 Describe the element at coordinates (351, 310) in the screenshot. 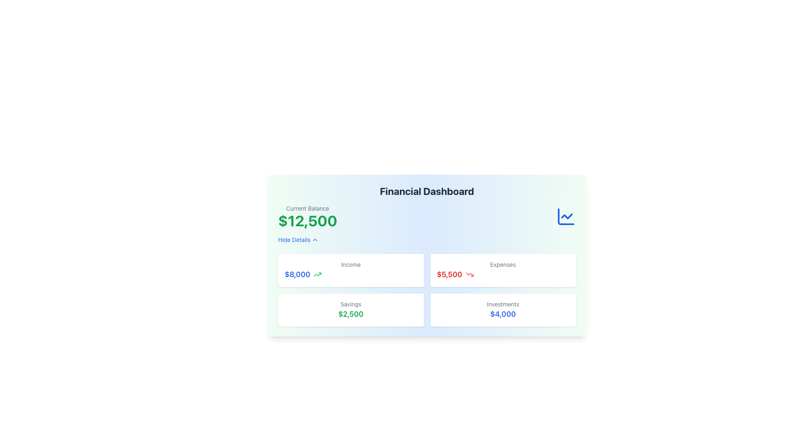

I see `the non-interactive savings display card located in the bottom left quadrant, below the 'Income' card and to the left of the 'Investments' card` at that location.